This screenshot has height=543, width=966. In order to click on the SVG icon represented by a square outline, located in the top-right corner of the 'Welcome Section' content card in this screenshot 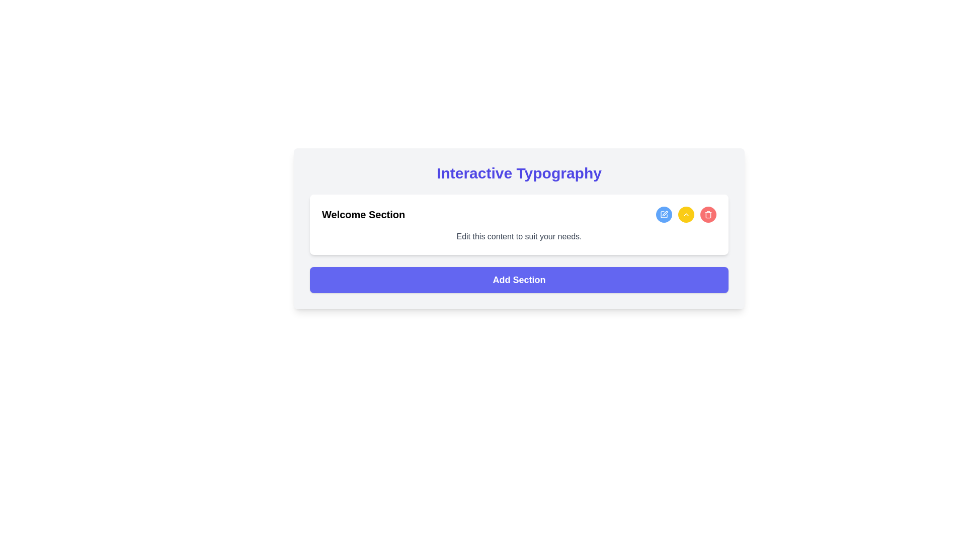, I will do `click(664, 214)`.